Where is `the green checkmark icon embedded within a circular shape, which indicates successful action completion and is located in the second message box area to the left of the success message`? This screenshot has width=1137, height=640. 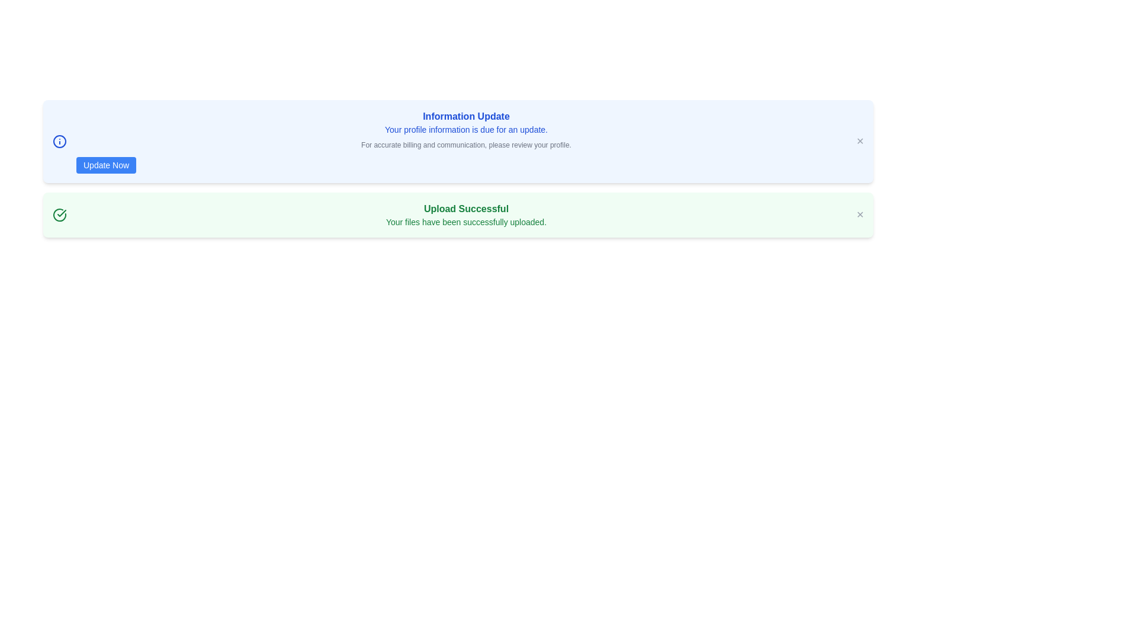 the green checkmark icon embedded within a circular shape, which indicates successful action completion and is located in the second message box area to the left of the success message is located at coordinates (61, 212).